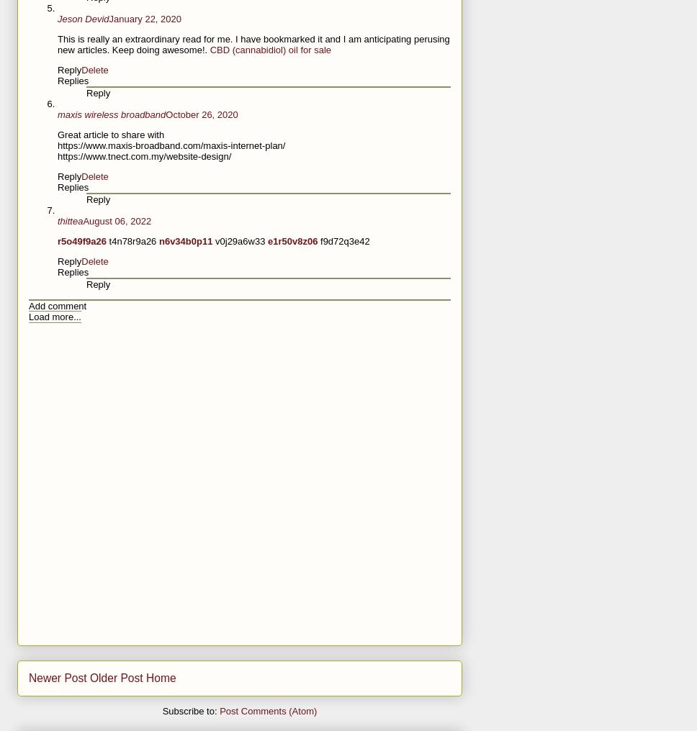 The image size is (697, 731). What do you see at coordinates (191, 711) in the screenshot?
I see `'Subscribe to:'` at bounding box center [191, 711].